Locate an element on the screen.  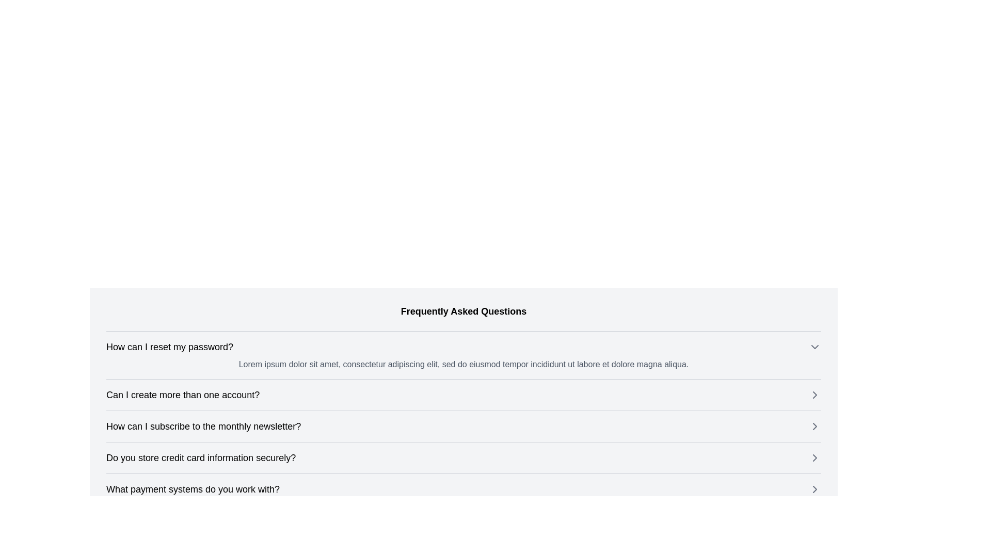
the text label presenting the frequently asked question about storing credit card information securely, located in the fourth row of the FAQ section is located at coordinates (201, 457).